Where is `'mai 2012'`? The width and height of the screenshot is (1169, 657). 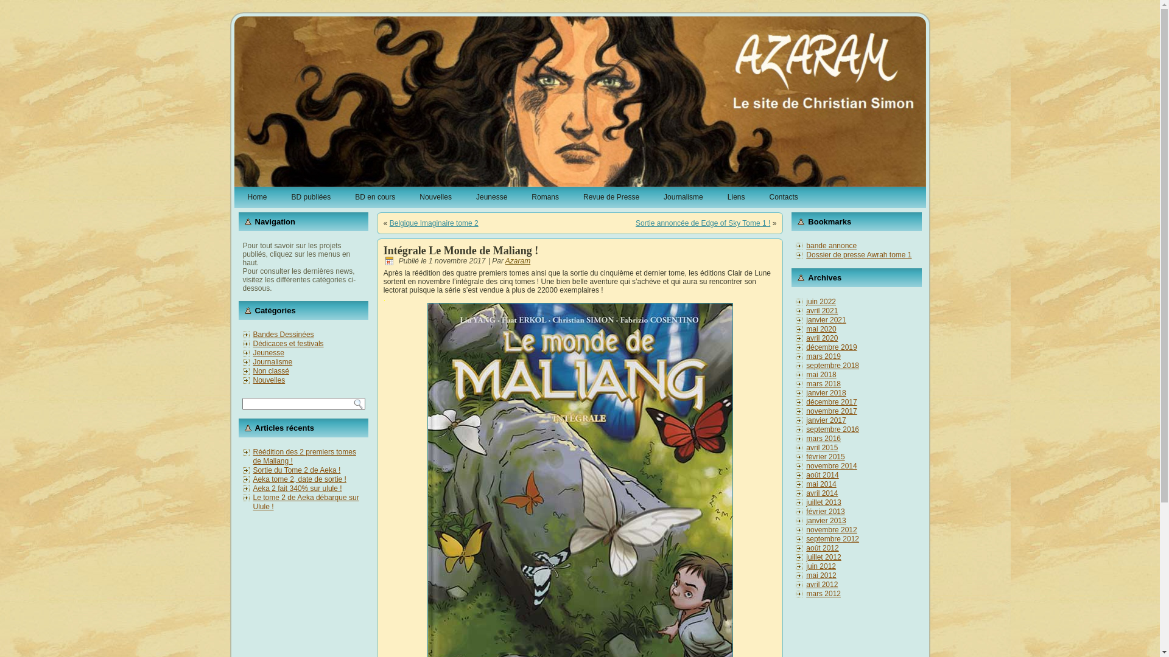 'mai 2012' is located at coordinates (821, 575).